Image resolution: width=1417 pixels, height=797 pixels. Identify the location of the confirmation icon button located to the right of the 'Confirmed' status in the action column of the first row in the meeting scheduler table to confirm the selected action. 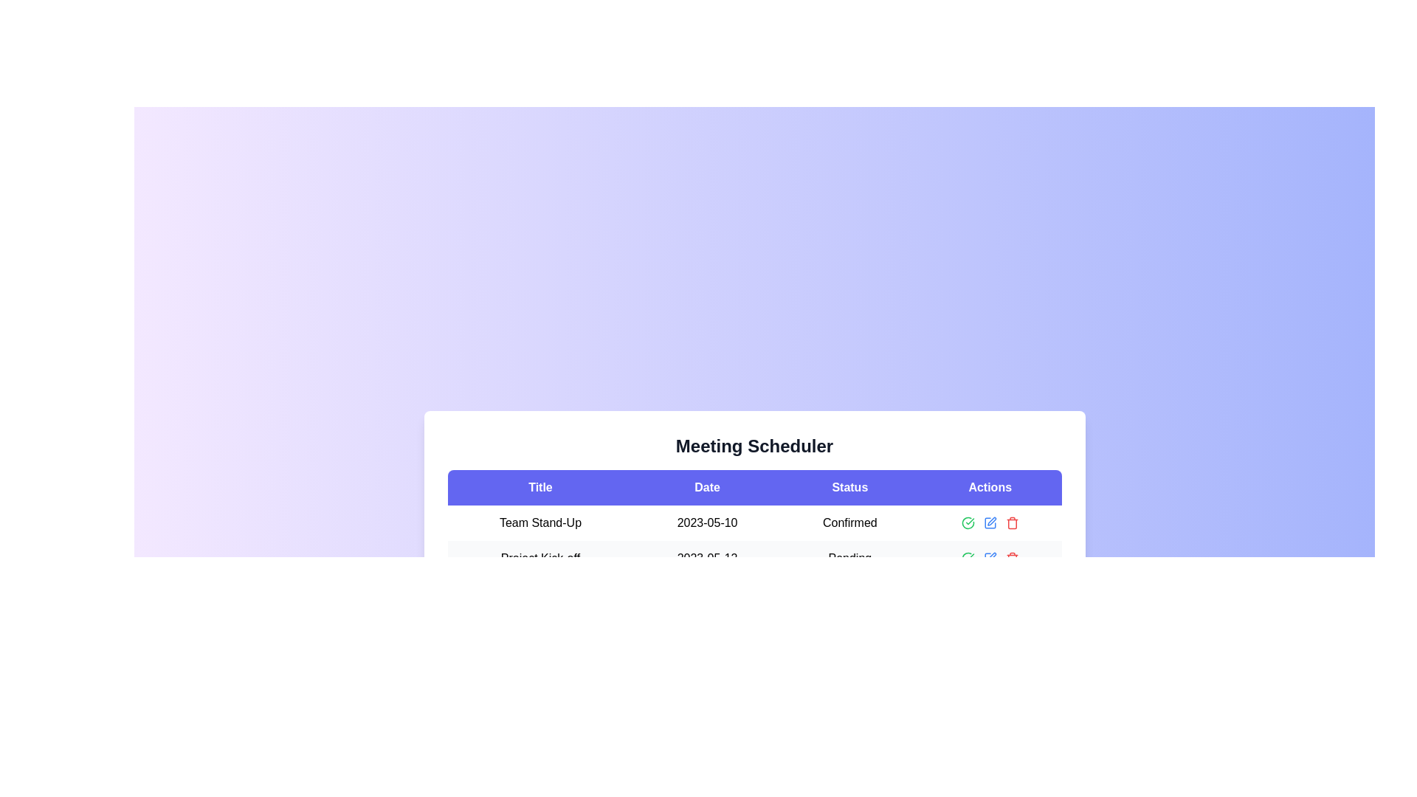
(968, 522).